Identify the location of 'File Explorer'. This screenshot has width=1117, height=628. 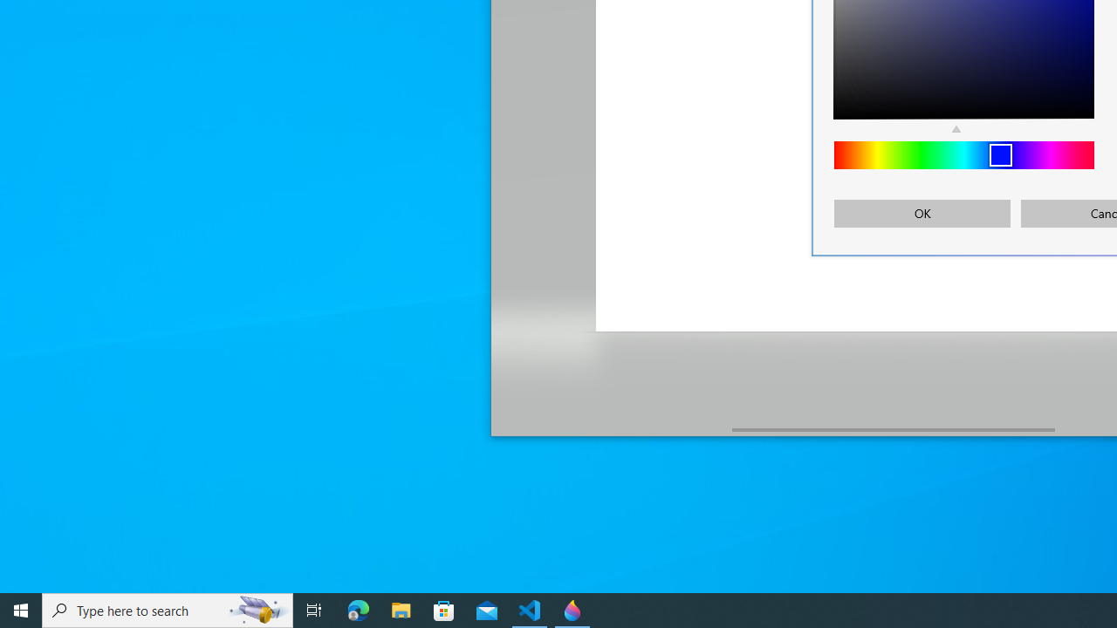
(401, 609).